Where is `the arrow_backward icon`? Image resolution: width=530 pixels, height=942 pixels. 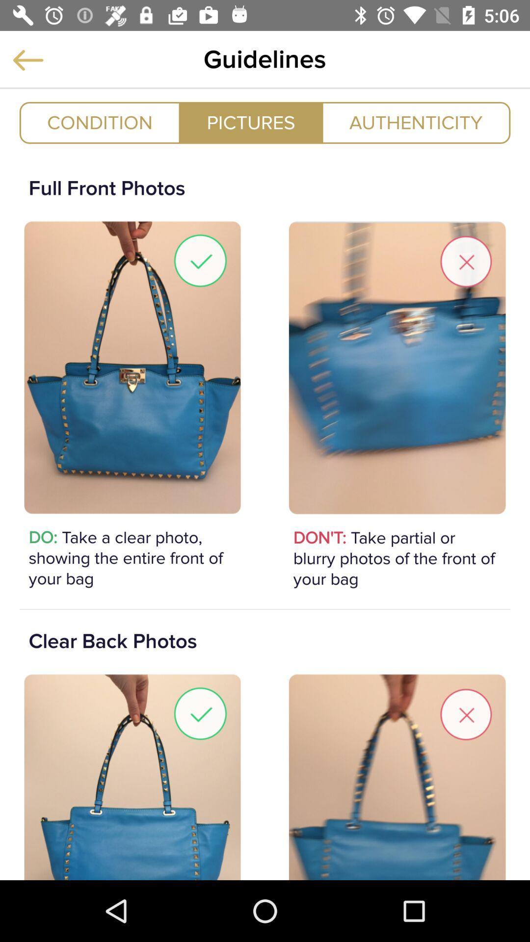
the arrow_backward icon is located at coordinates (27, 59).